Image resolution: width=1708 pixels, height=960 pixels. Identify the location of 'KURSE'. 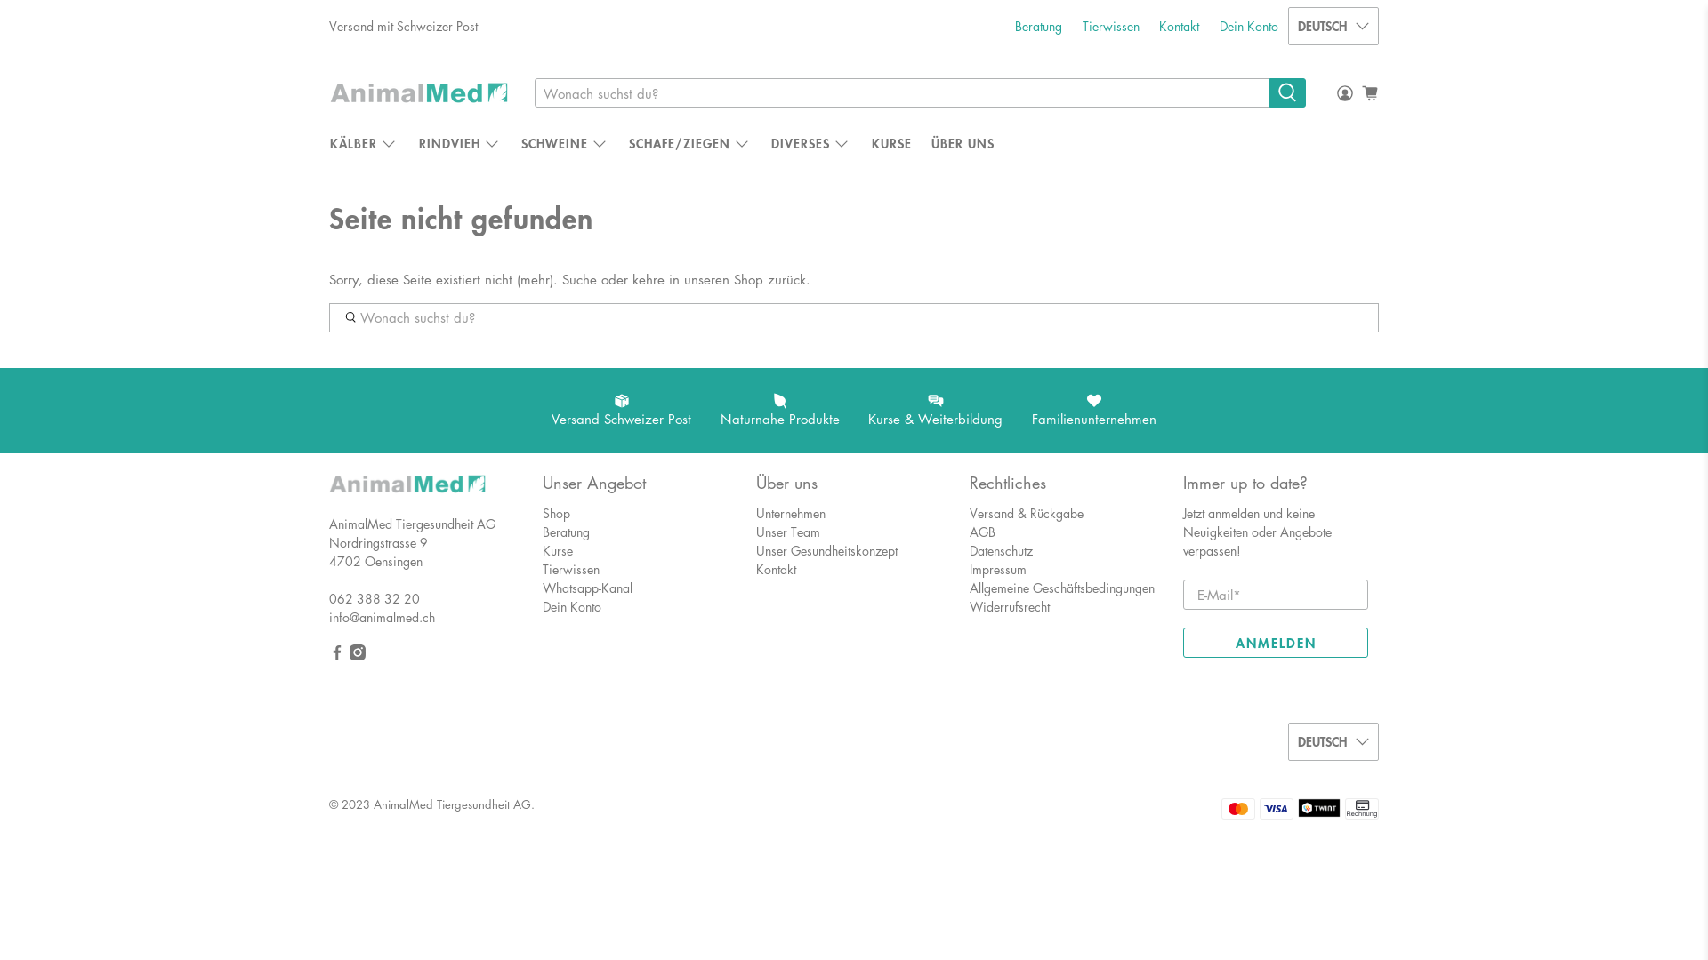
(891, 142).